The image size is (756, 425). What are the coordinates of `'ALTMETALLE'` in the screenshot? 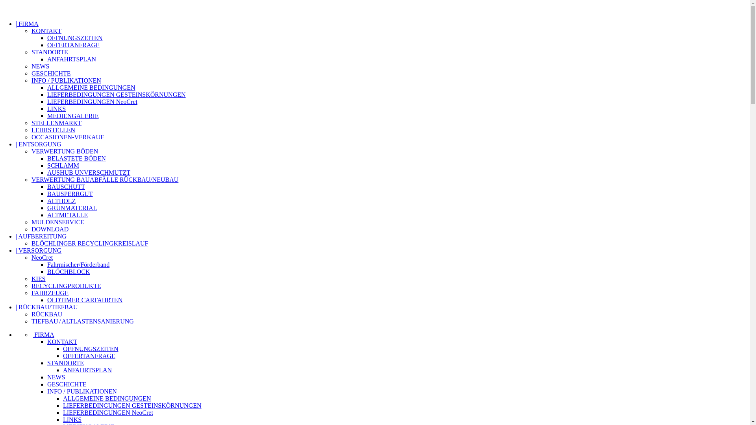 It's located at (67, 215).